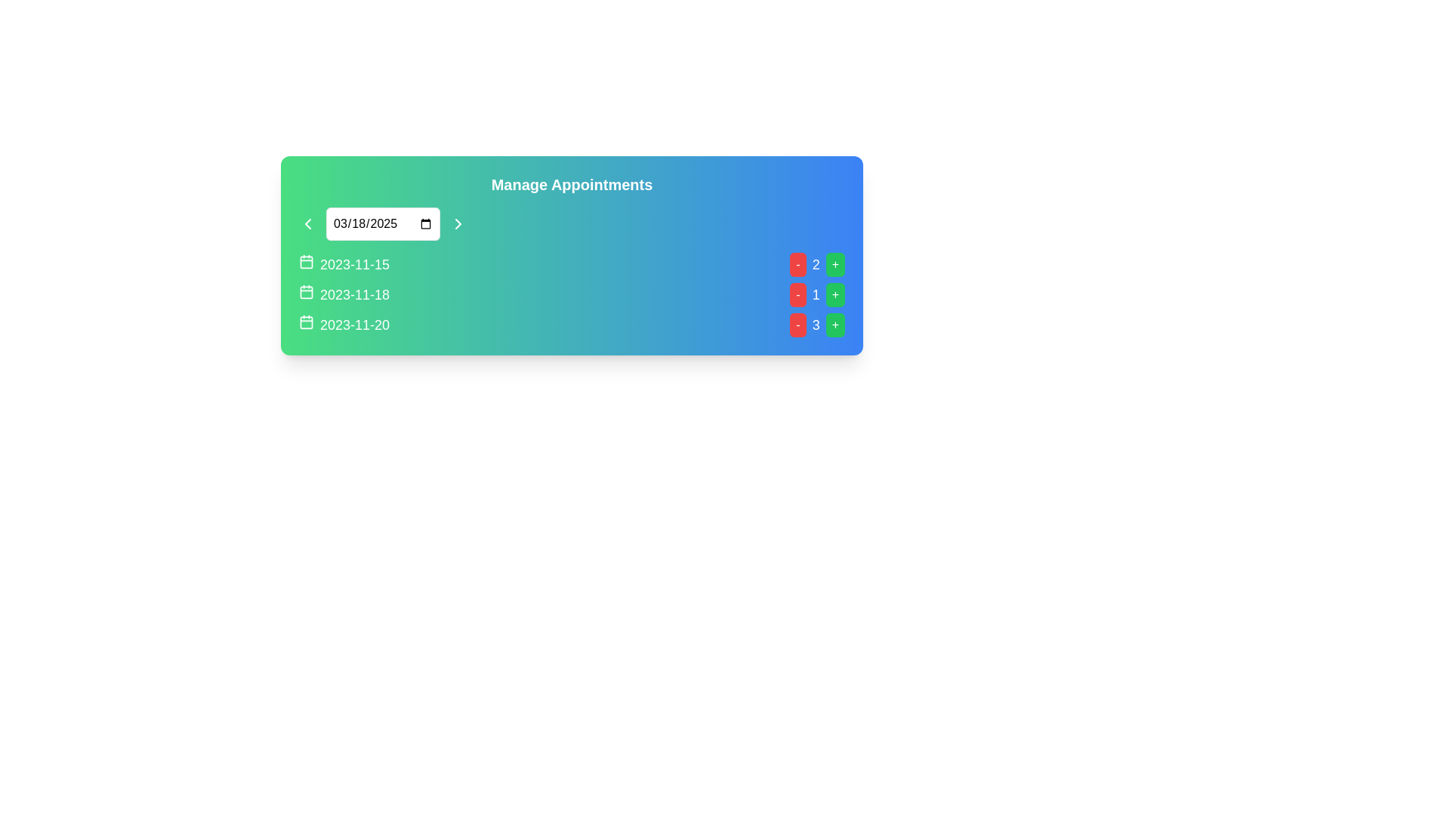 The height and width of the screenshot is (815, 1450). What do you see at coordinates (835, 324) in the screenshot?
I see `the third '+' button in the vertically-aligned group located in the rightmost section of the interface to interact` at bounding box center [835, 324].